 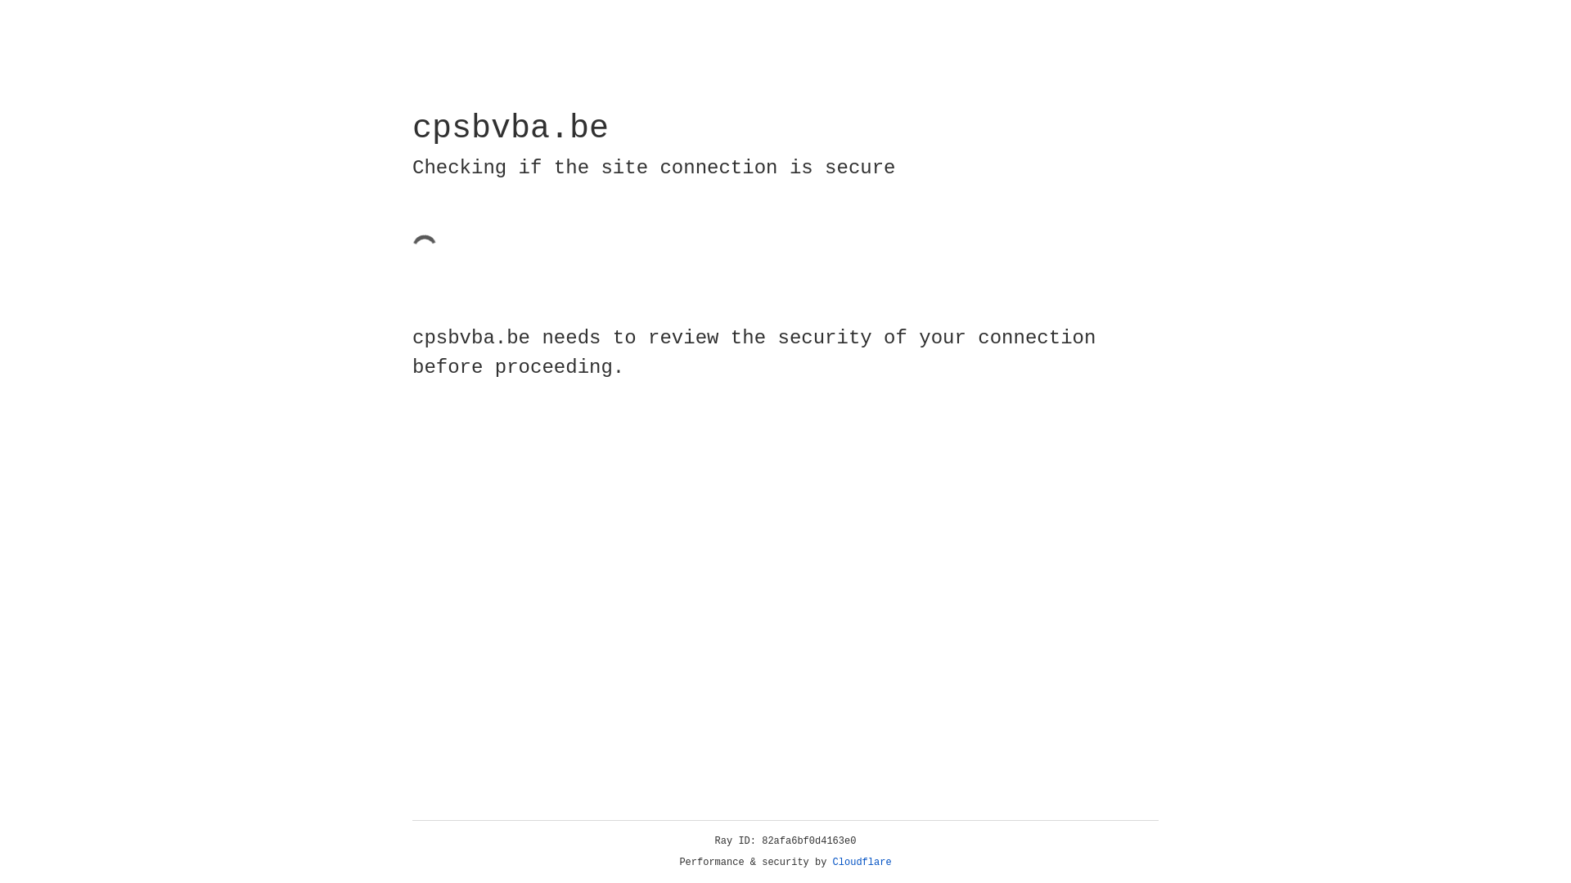 I want to click on 'Cloudflare', so click(x=862, y=862).